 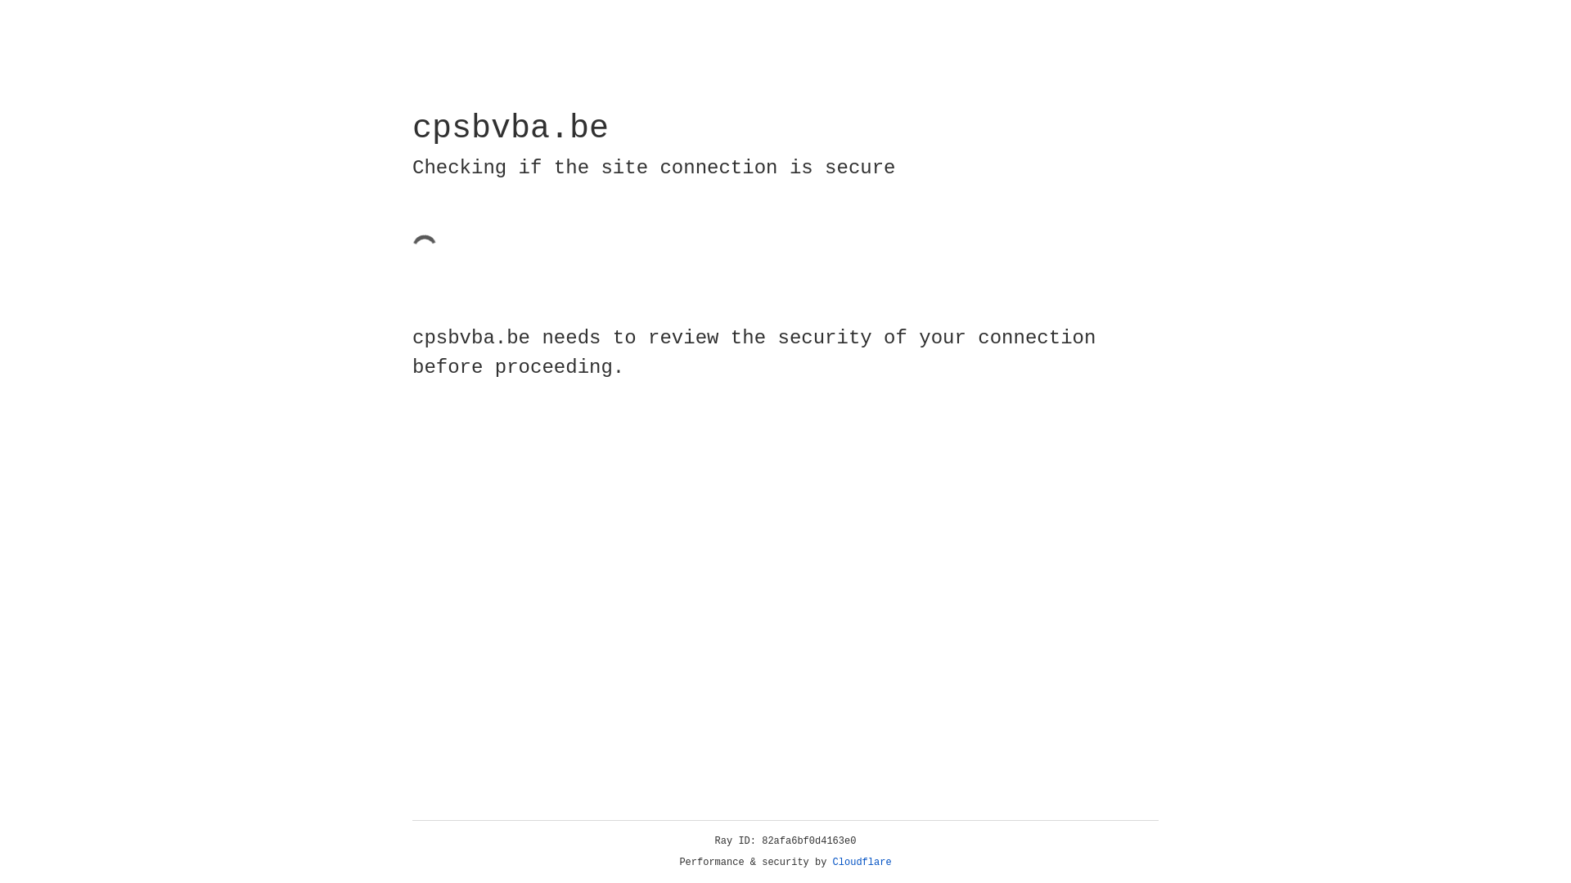 I want to click on 'Cloudflare', so click(x=862, y=862).